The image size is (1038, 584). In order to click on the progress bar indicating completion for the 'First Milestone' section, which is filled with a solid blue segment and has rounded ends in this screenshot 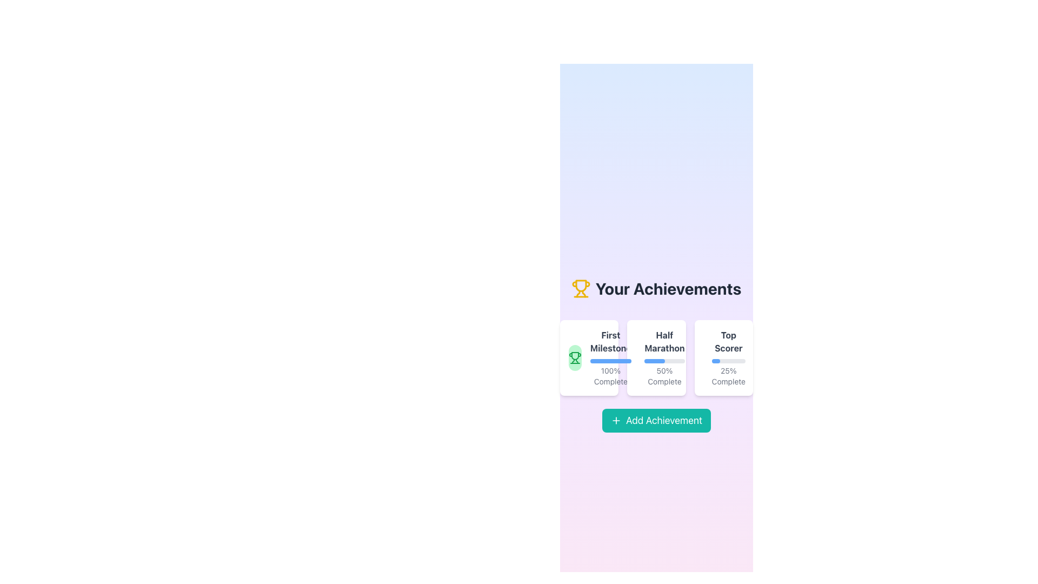, I will do `click(610, 361)`.